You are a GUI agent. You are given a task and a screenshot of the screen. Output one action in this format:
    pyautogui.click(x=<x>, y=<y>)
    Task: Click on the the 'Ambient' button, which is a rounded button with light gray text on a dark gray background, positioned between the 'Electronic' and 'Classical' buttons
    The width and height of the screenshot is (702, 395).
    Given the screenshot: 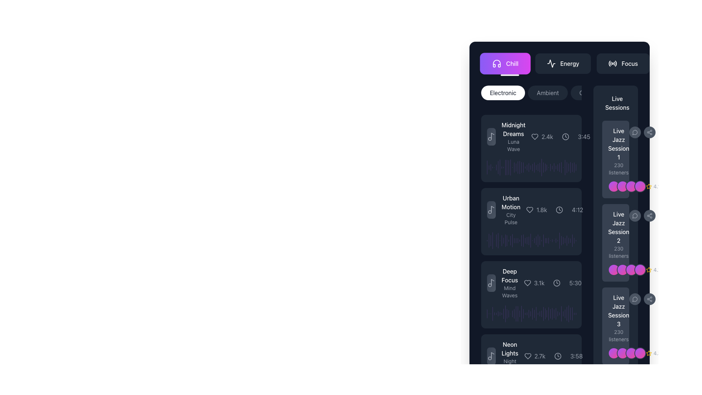 What is the action you would take?
    pyautogui.click(x=548, y=93)
    